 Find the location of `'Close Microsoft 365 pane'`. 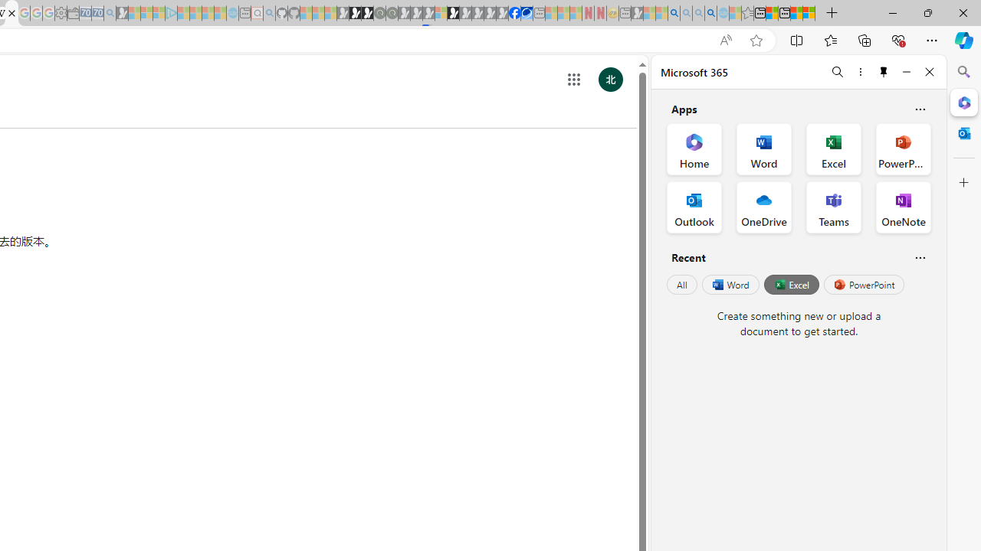

'Close Microsoft 365 pane' is located at coordinates (963, 102).